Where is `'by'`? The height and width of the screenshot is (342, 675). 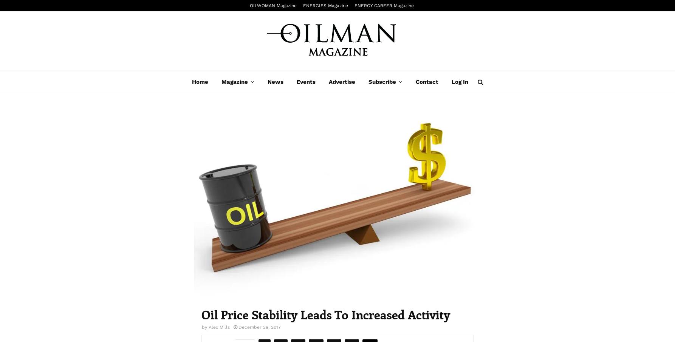 'by' is located at coordinates (204, 327).